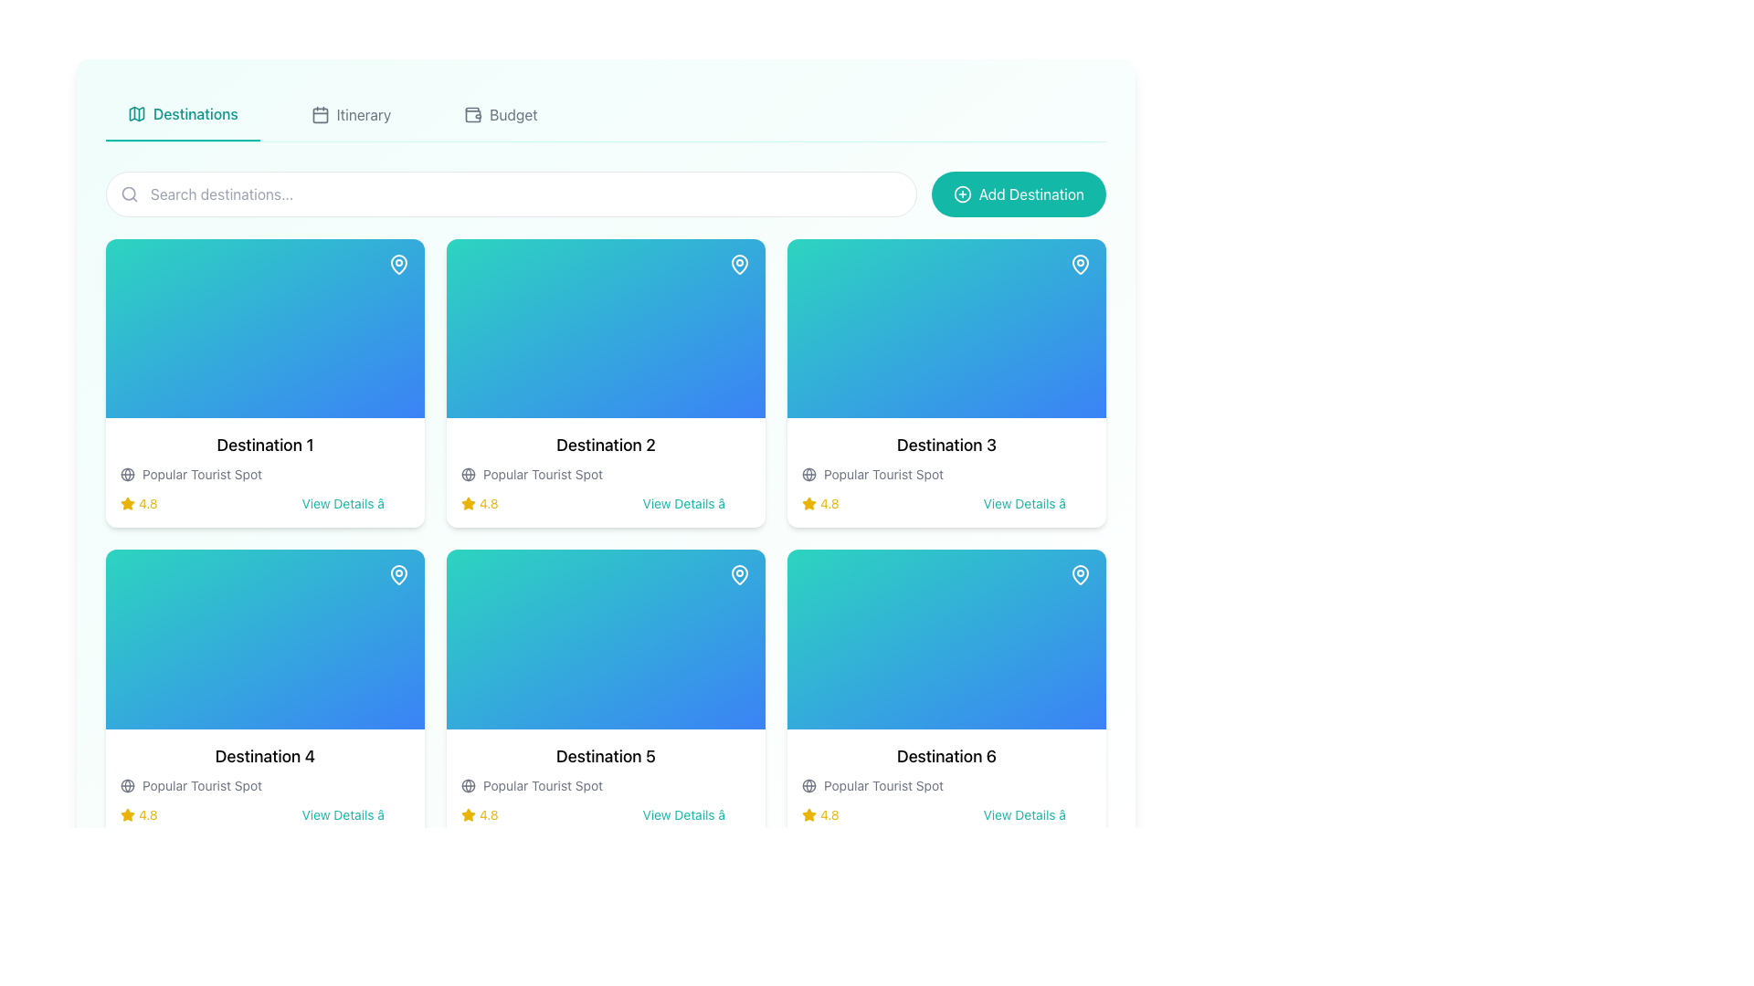 The width and height of the screenshot is (1754, 986). Describe the element at coordinates (961, 194) in the screenshot. I see `the circular plus-icon element within the 'Add Destination' button located at the top-right corner of the interface` at that location.